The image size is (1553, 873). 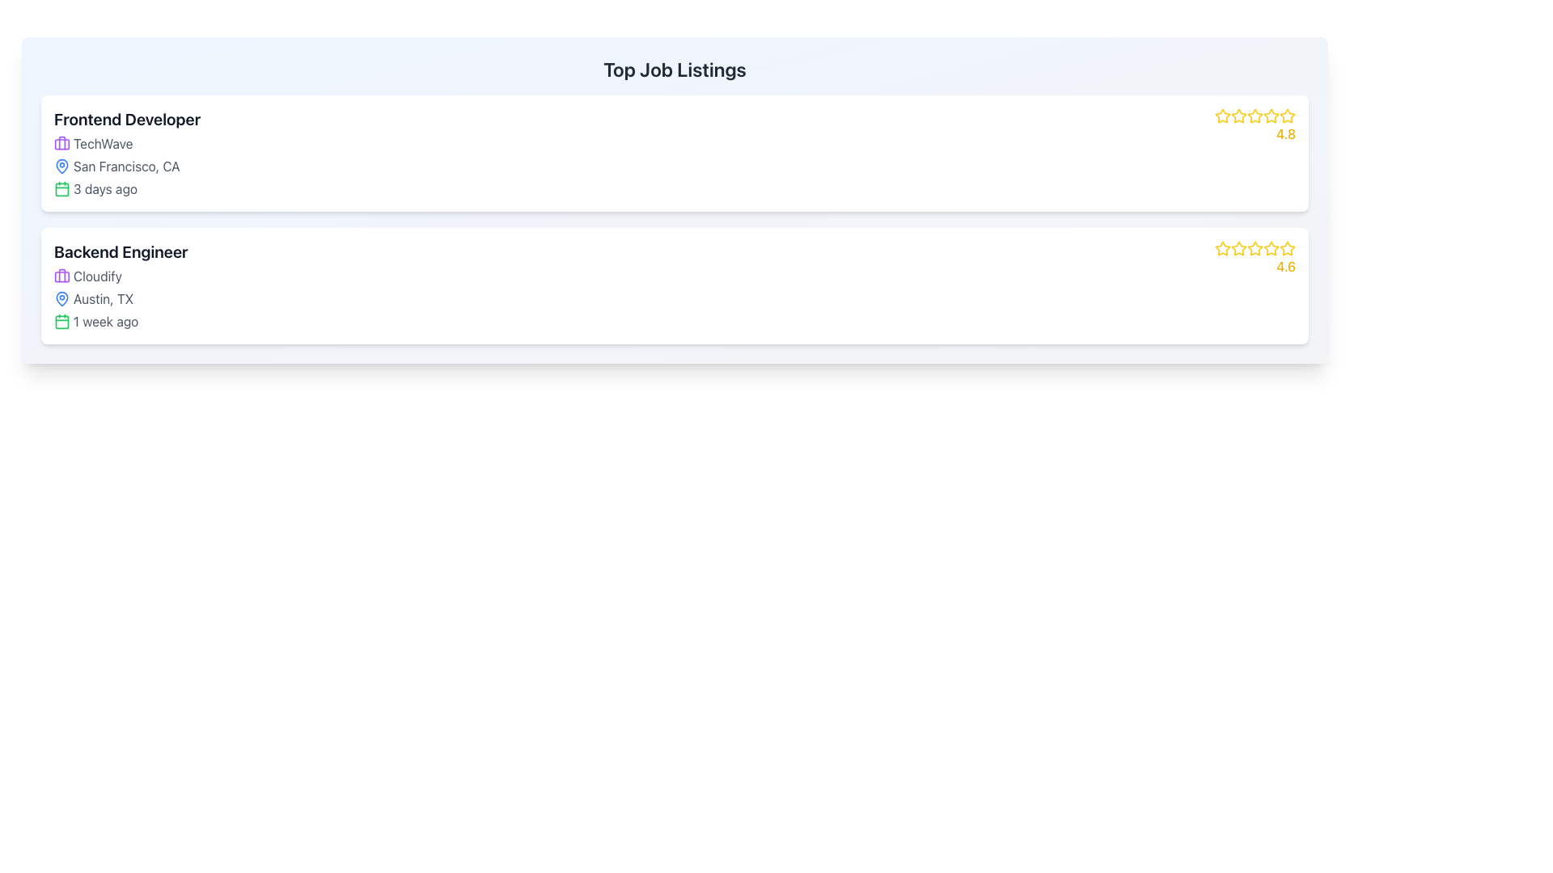 What do you see at coordinates (61, 299) in the screenshot?
I see `the location icon in the second job listing card that precedes the text 'Austin, TX'` at bounding box center [61, 299].